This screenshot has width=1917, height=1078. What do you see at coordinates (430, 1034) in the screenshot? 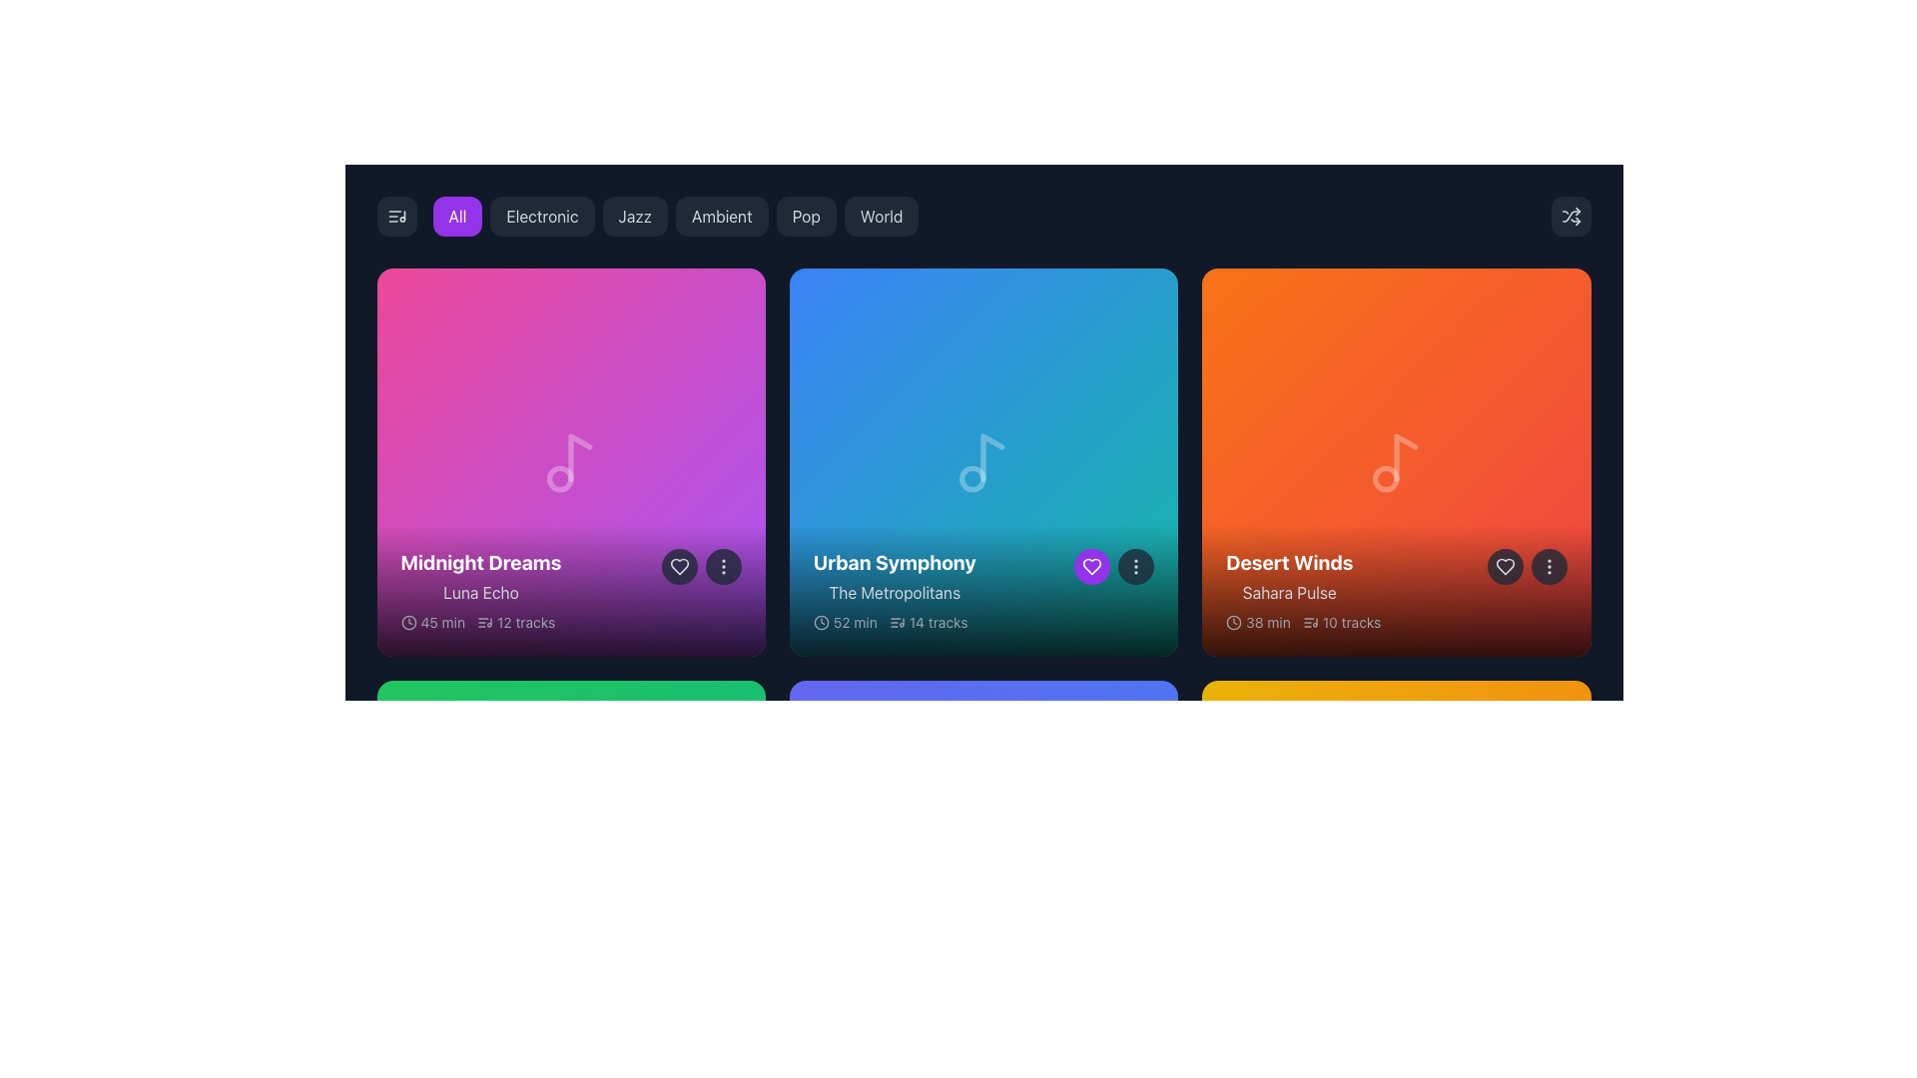
I see `the content of the Label with Icon element displaying '41 min' and a clock icon, which is the first component in its row below an album or playlist card` at bounding box center [430, 1034].